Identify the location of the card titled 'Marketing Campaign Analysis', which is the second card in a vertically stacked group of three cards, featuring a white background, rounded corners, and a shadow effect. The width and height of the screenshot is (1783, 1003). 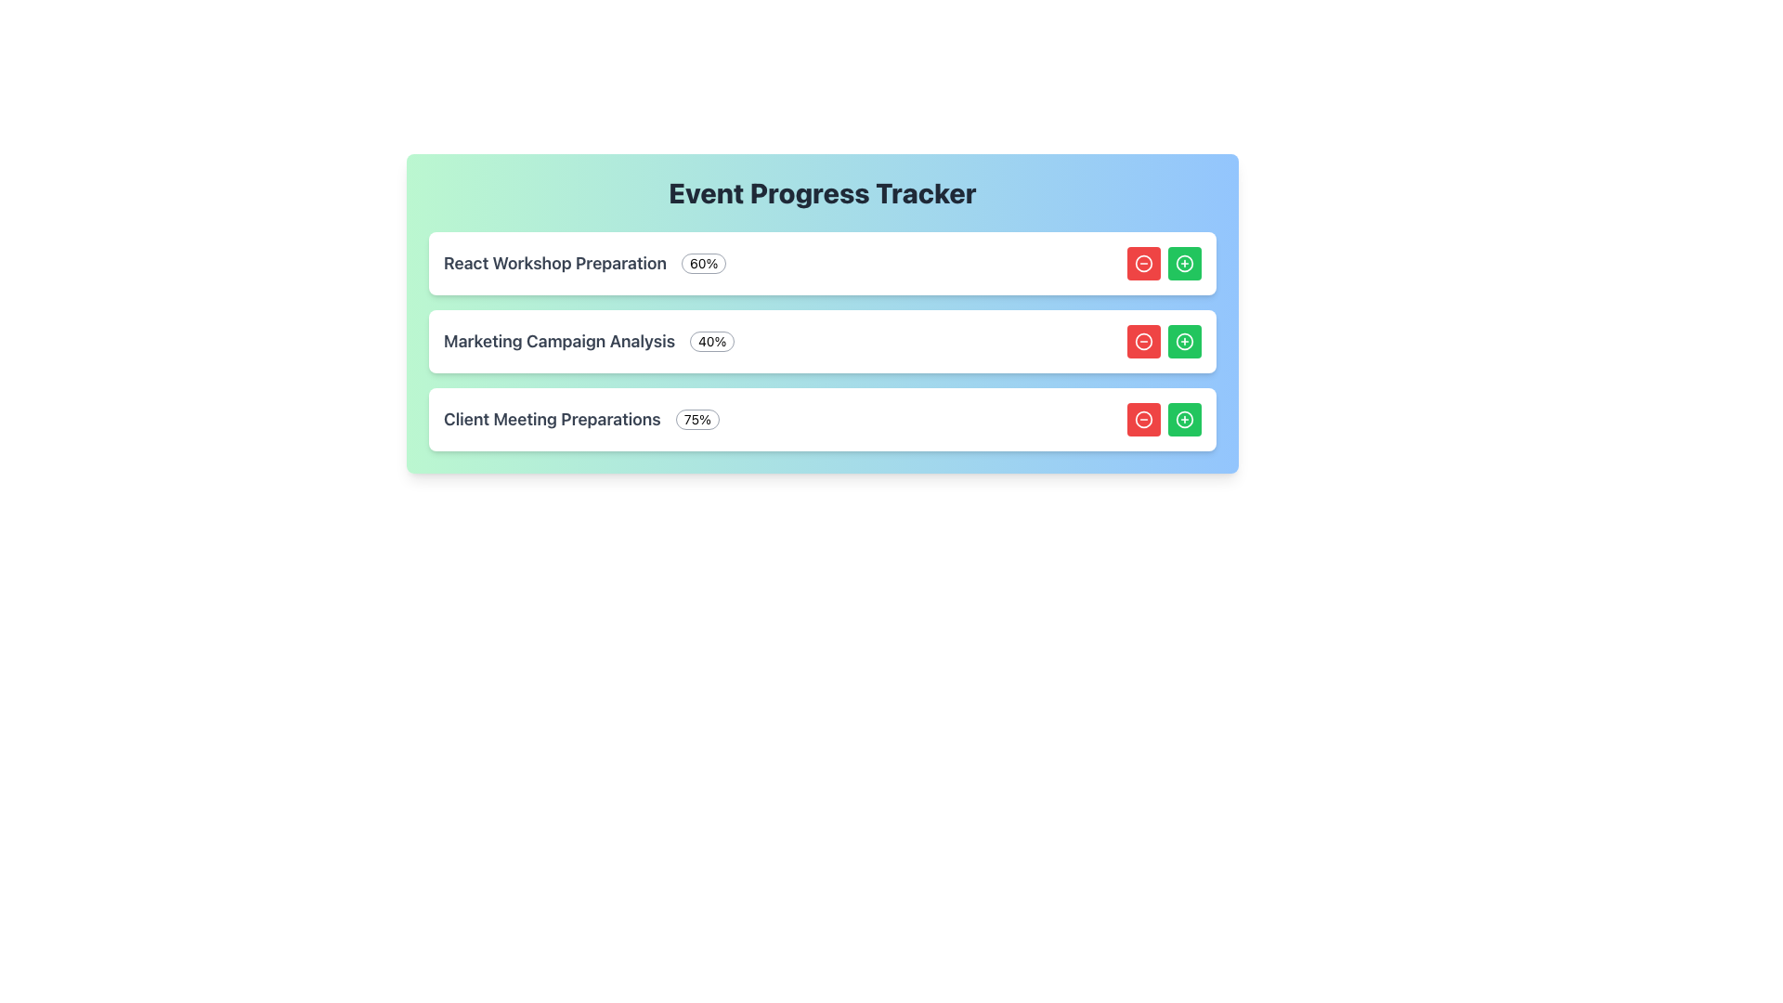
(822, 341).